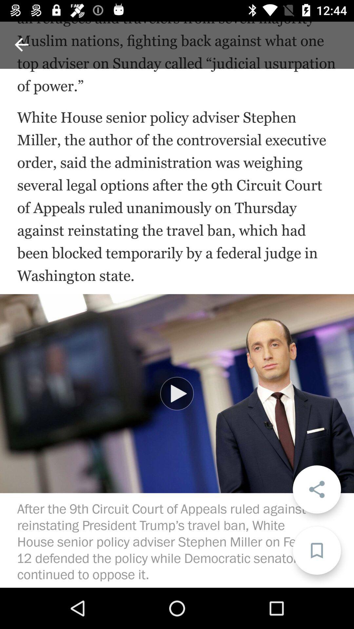 The image size is (354, 629). What do you see at coordinates (21, 44) in the screenshot?
I see `back` at bounding box center [21, 44].